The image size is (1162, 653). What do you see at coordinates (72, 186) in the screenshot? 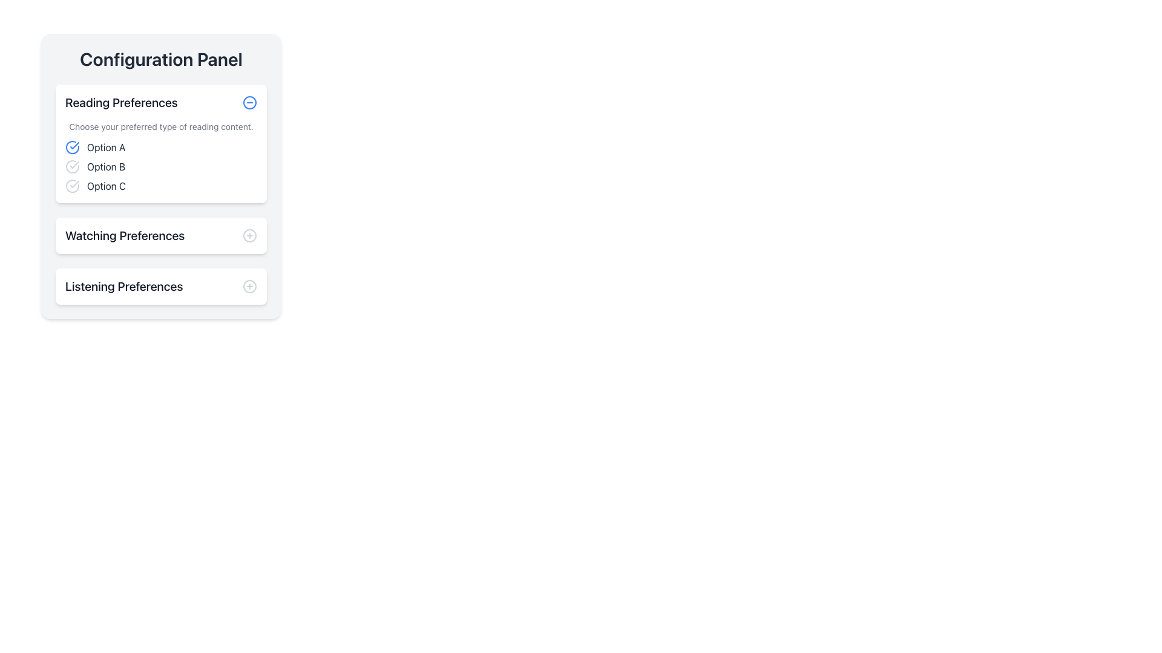
I see `the selection indicator icon representing 'Option C' in the 'Reading Preferences' section of the configuration panel` at bounding box center [72, 186].